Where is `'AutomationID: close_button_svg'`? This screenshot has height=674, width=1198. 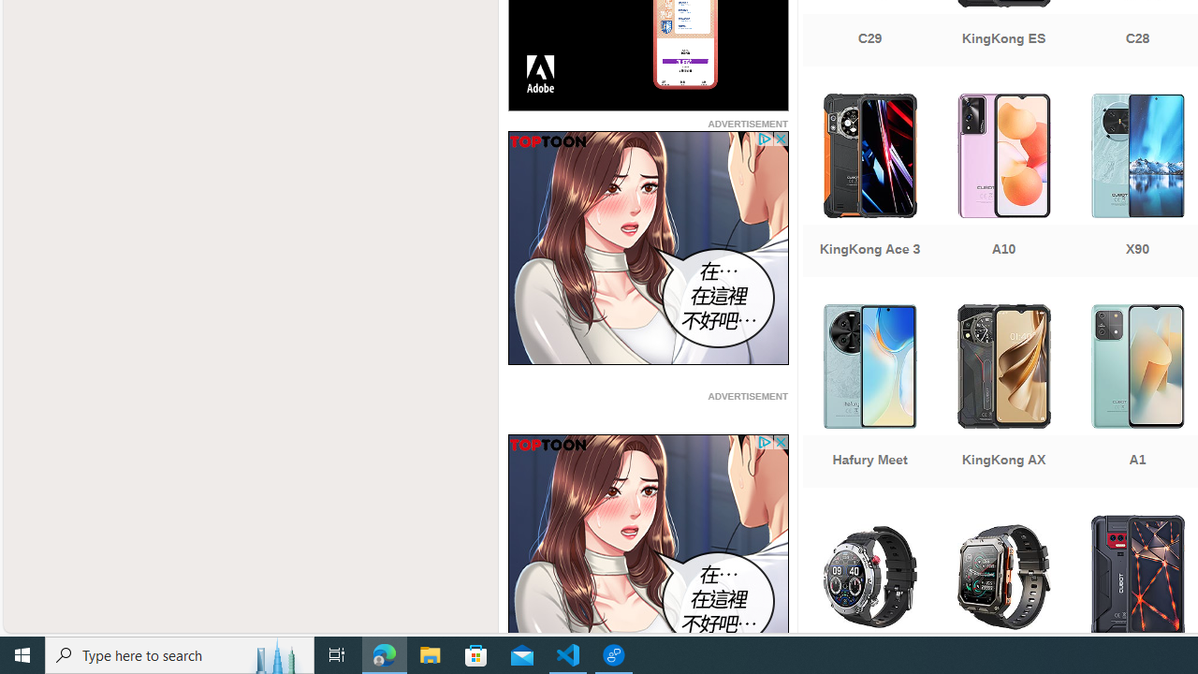 'AutomationID: close_button_svg' is located at coordinates (780, 443).